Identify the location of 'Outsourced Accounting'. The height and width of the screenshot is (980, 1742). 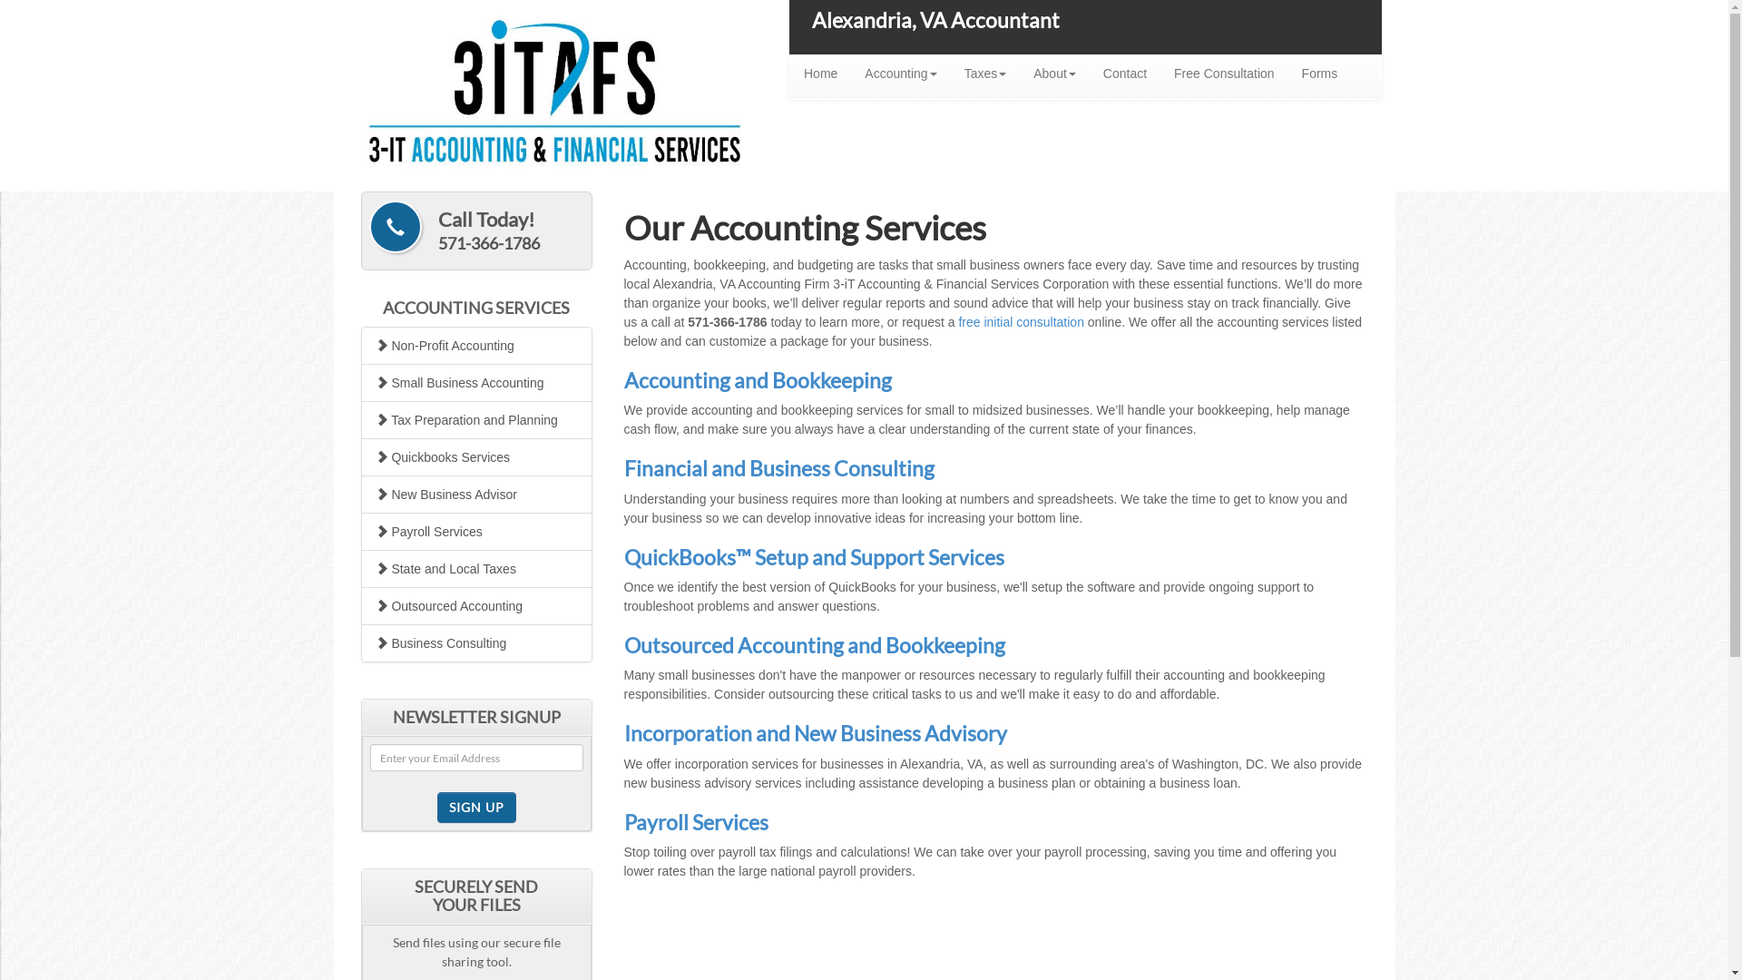
(476, 605).